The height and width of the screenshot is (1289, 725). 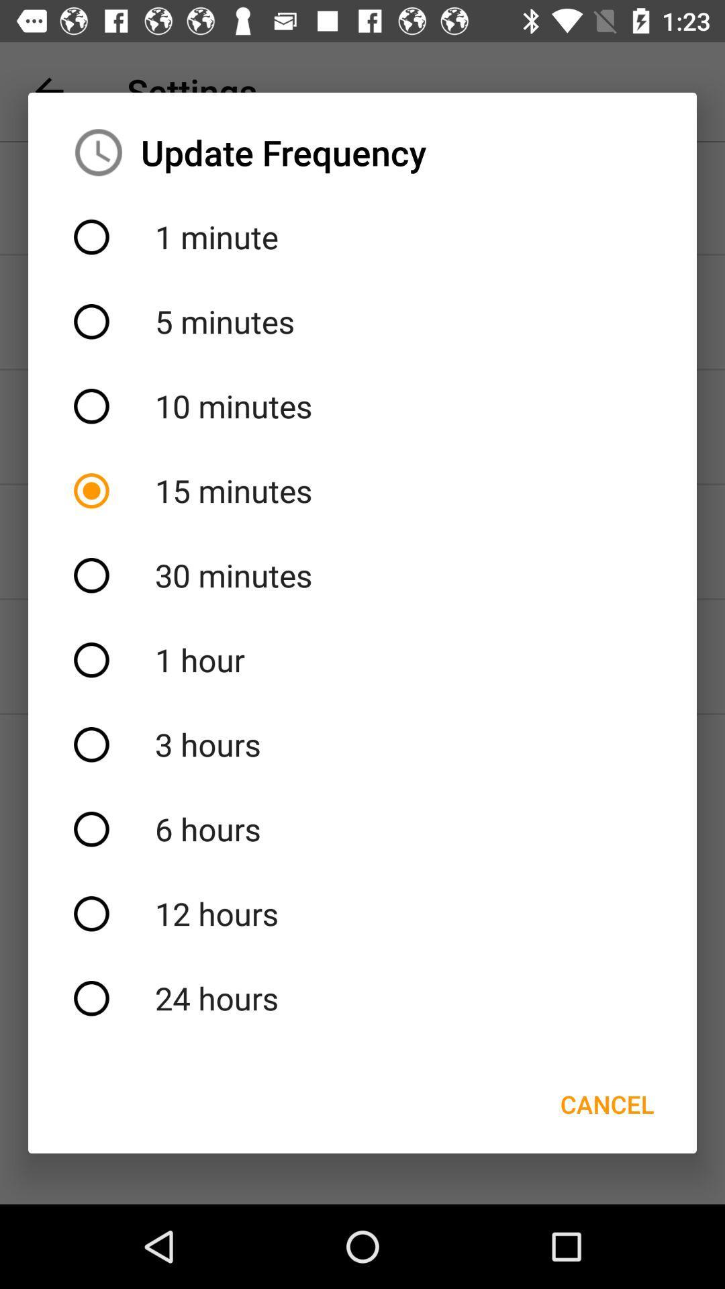 I want to click on cancel item, so click(x=607, y=1104).